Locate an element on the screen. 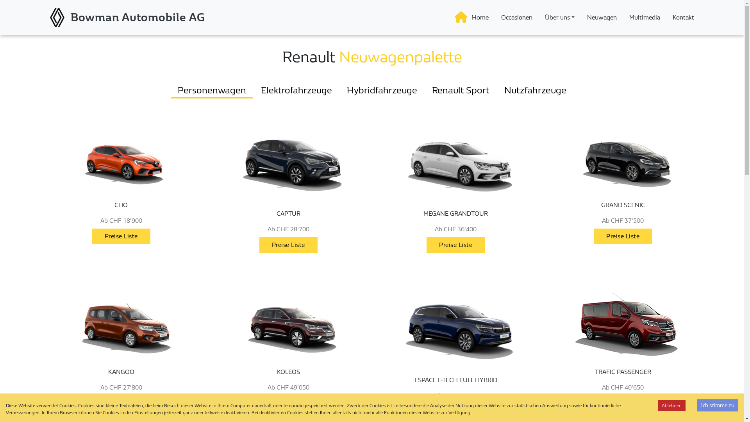  'Elektrofahrzeuge' is located at coordinates (296, 90).